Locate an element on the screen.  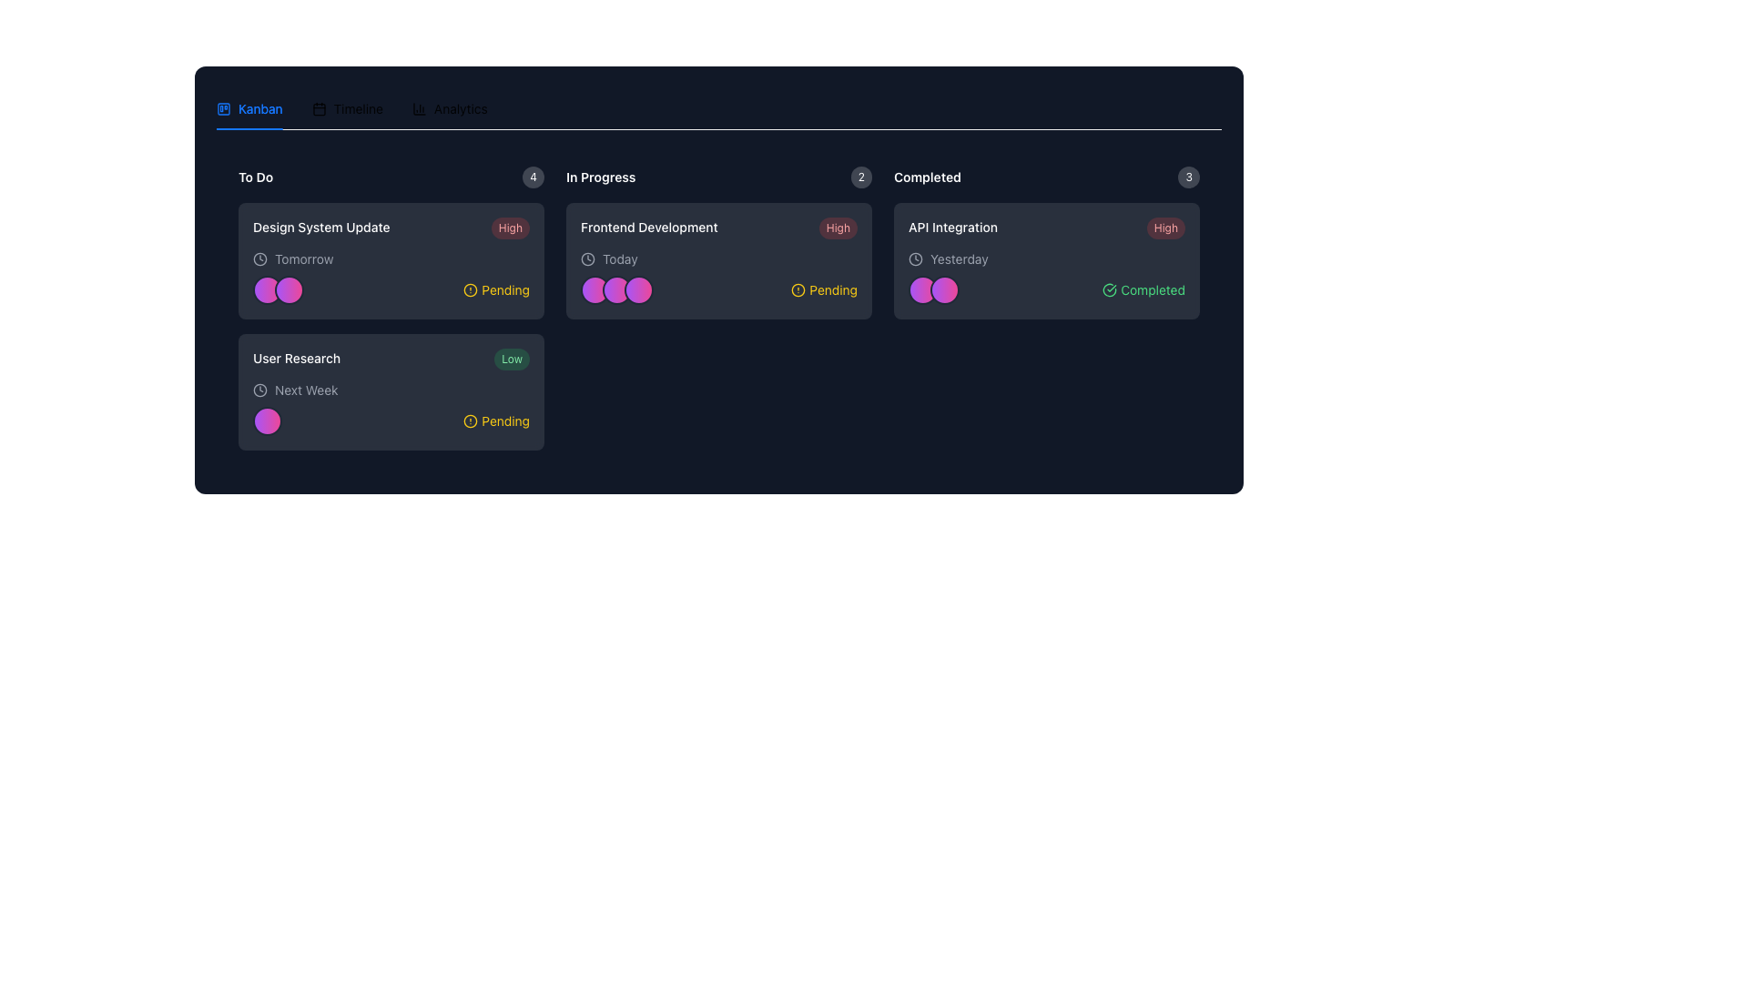
the pill-shaped badge with the text 'High' on a red background, located to the top-right of the 'API Integration' box in the 'Completed' section is located at coordinates (1165, 227).